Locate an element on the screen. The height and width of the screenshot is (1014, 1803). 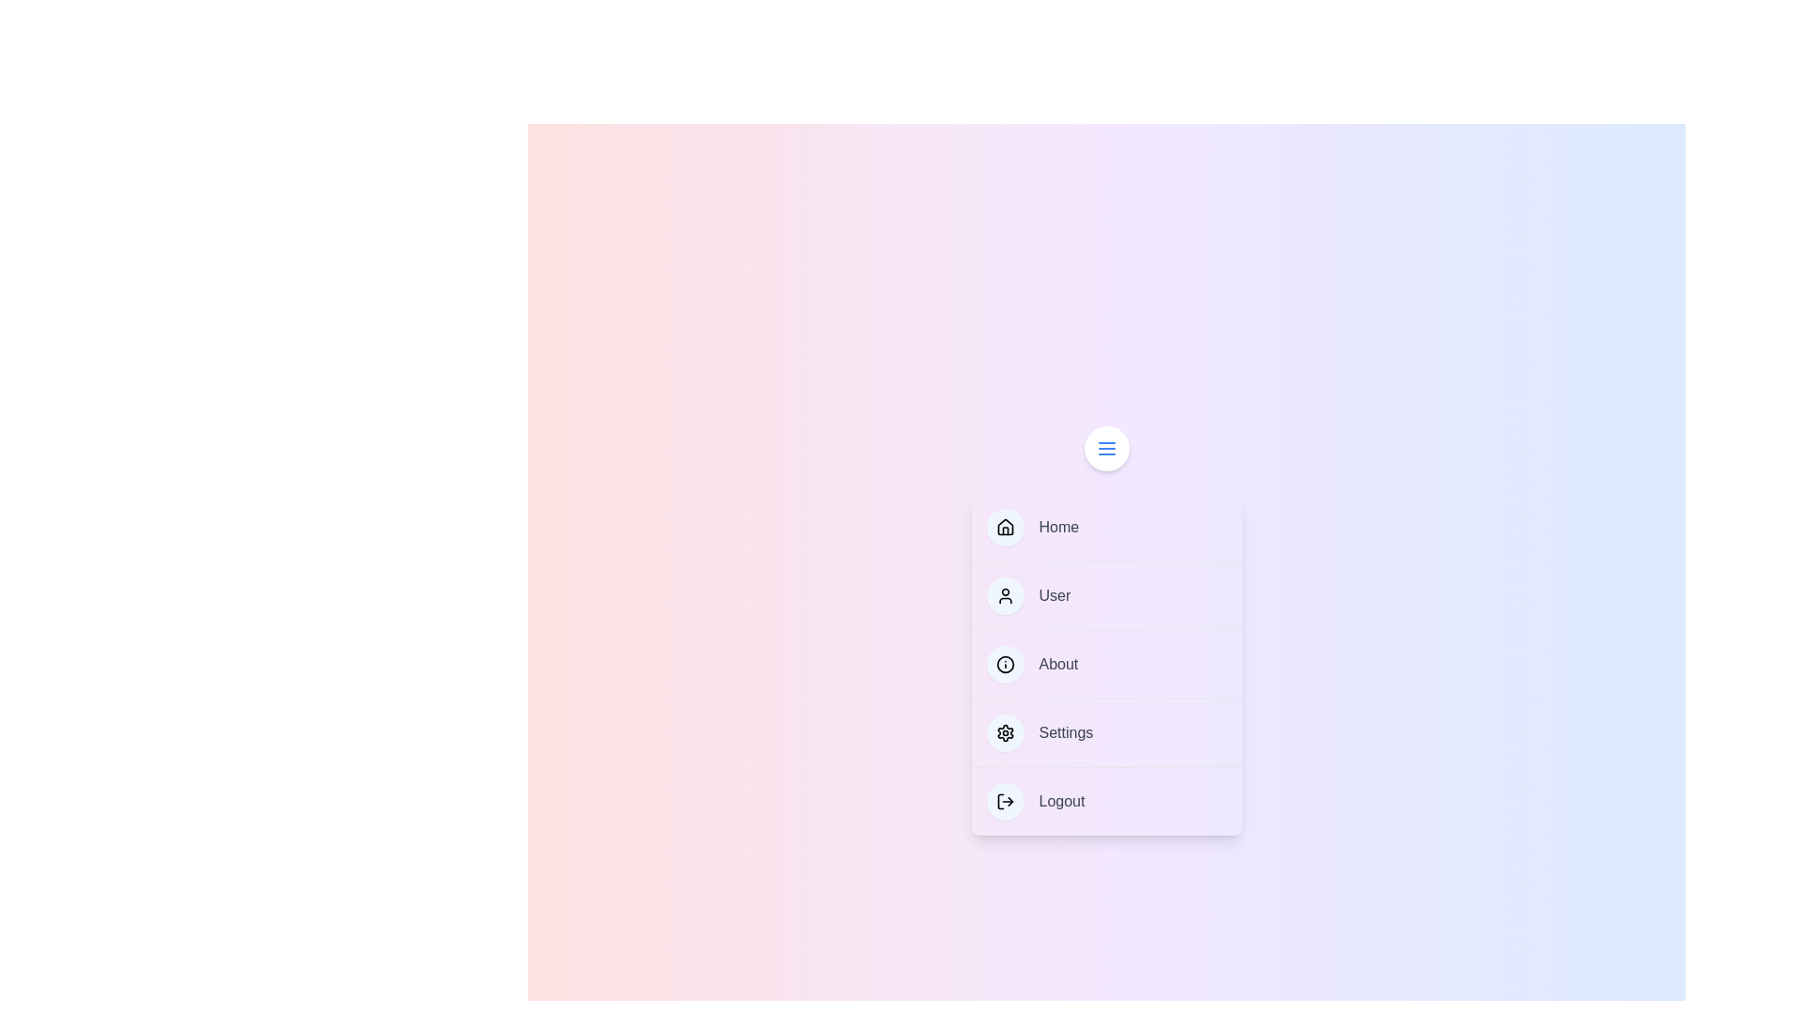
the menu item labeled About is located at coordinates (1106, 663).